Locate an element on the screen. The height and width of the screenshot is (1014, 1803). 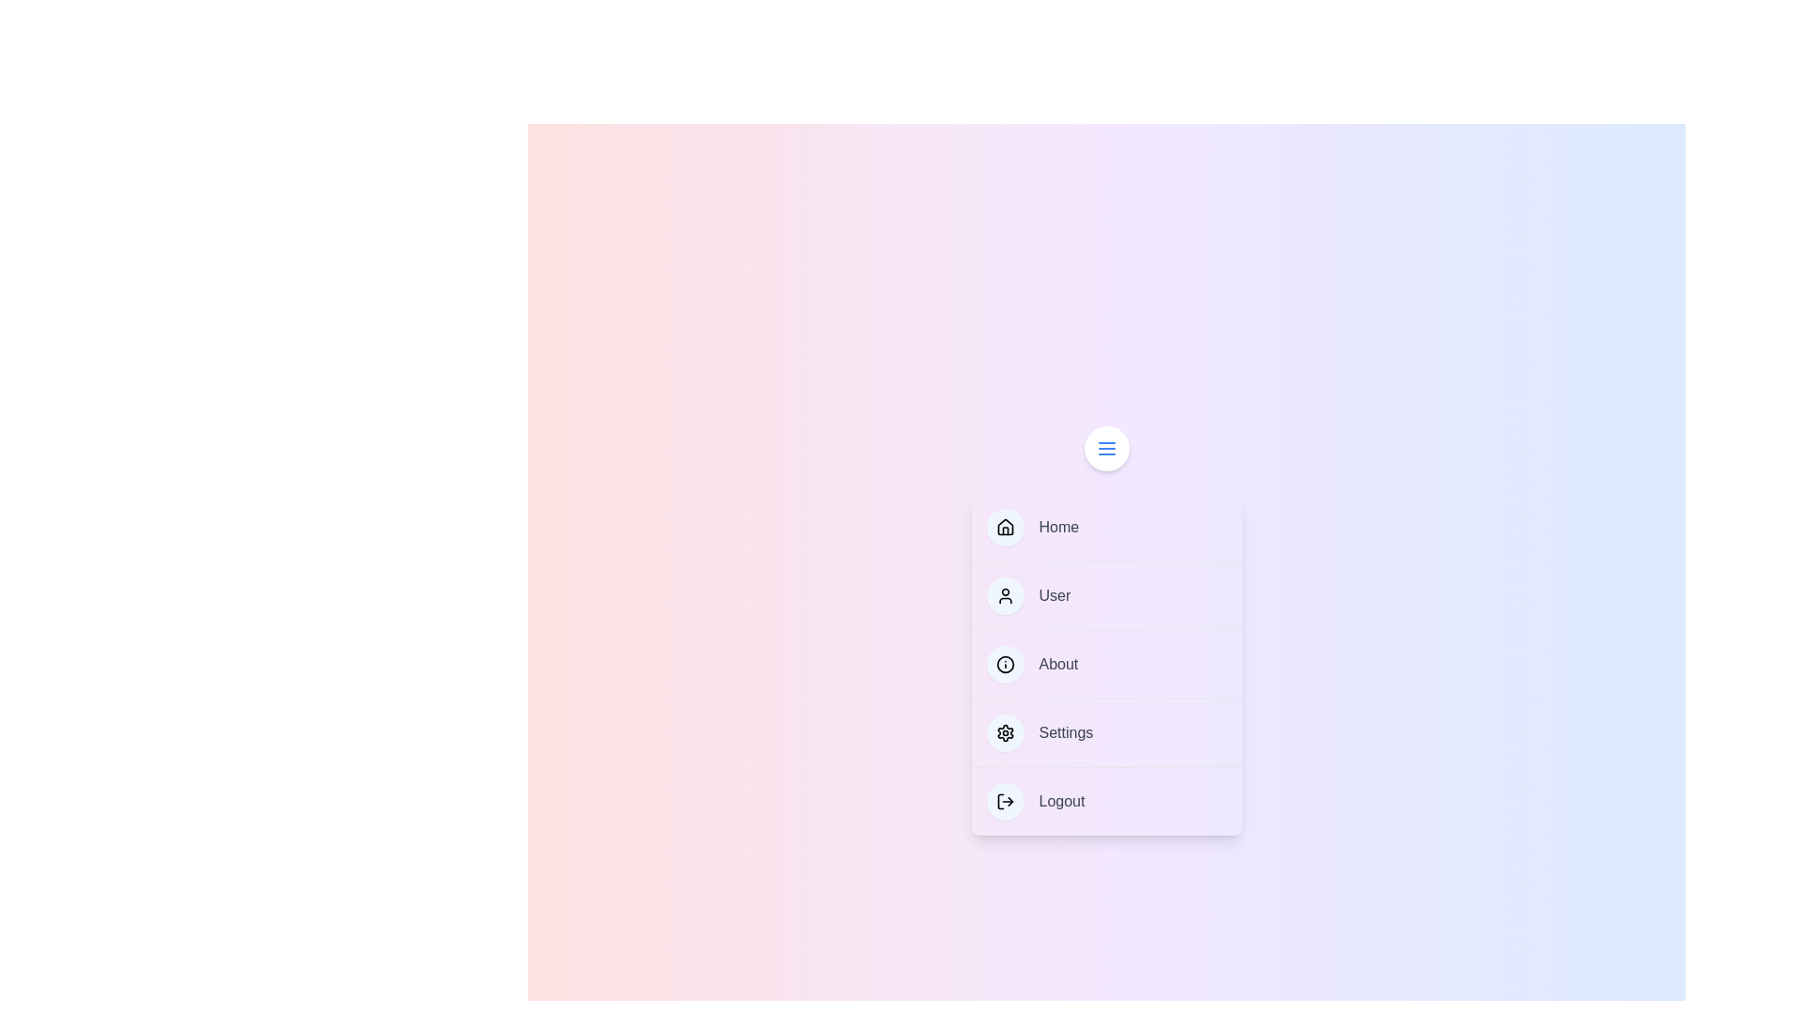
the menu item labeled About is located at coordinates (1106, 663).